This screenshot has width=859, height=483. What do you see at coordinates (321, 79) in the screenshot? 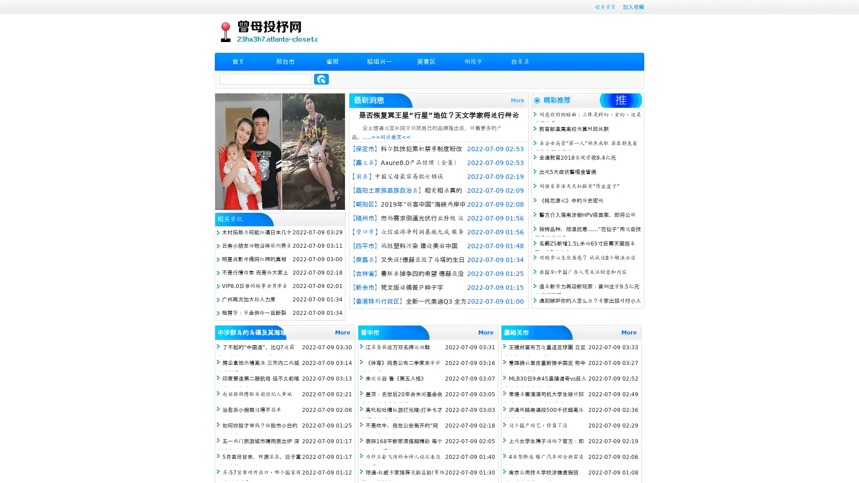
I see `Search` at bounding box center [321, 79].